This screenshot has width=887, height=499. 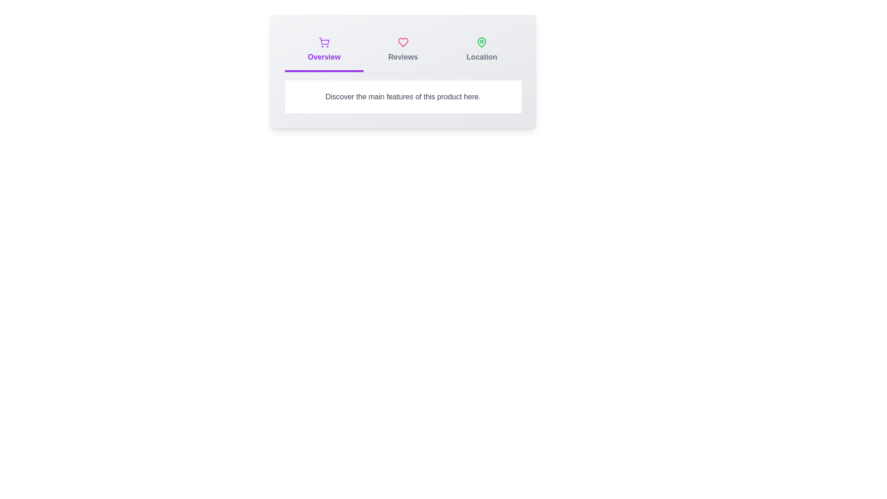 What do you see at coordinates (403, 51) in the screenshot?
I see `the Reviews tab to view its content` at bounding box center [403, 51].